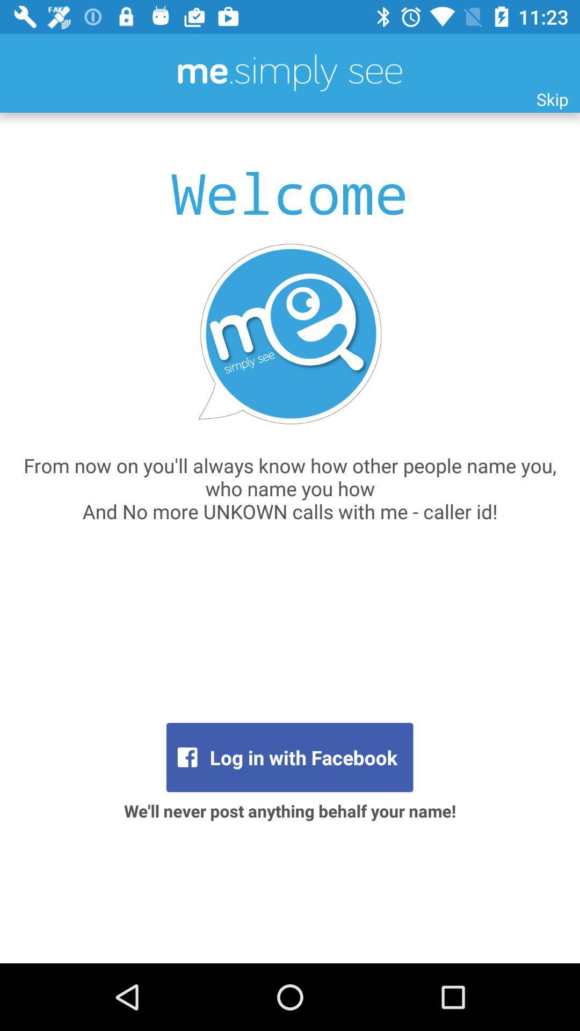  I want to click on icon above the from now on item, so click(553, 99).